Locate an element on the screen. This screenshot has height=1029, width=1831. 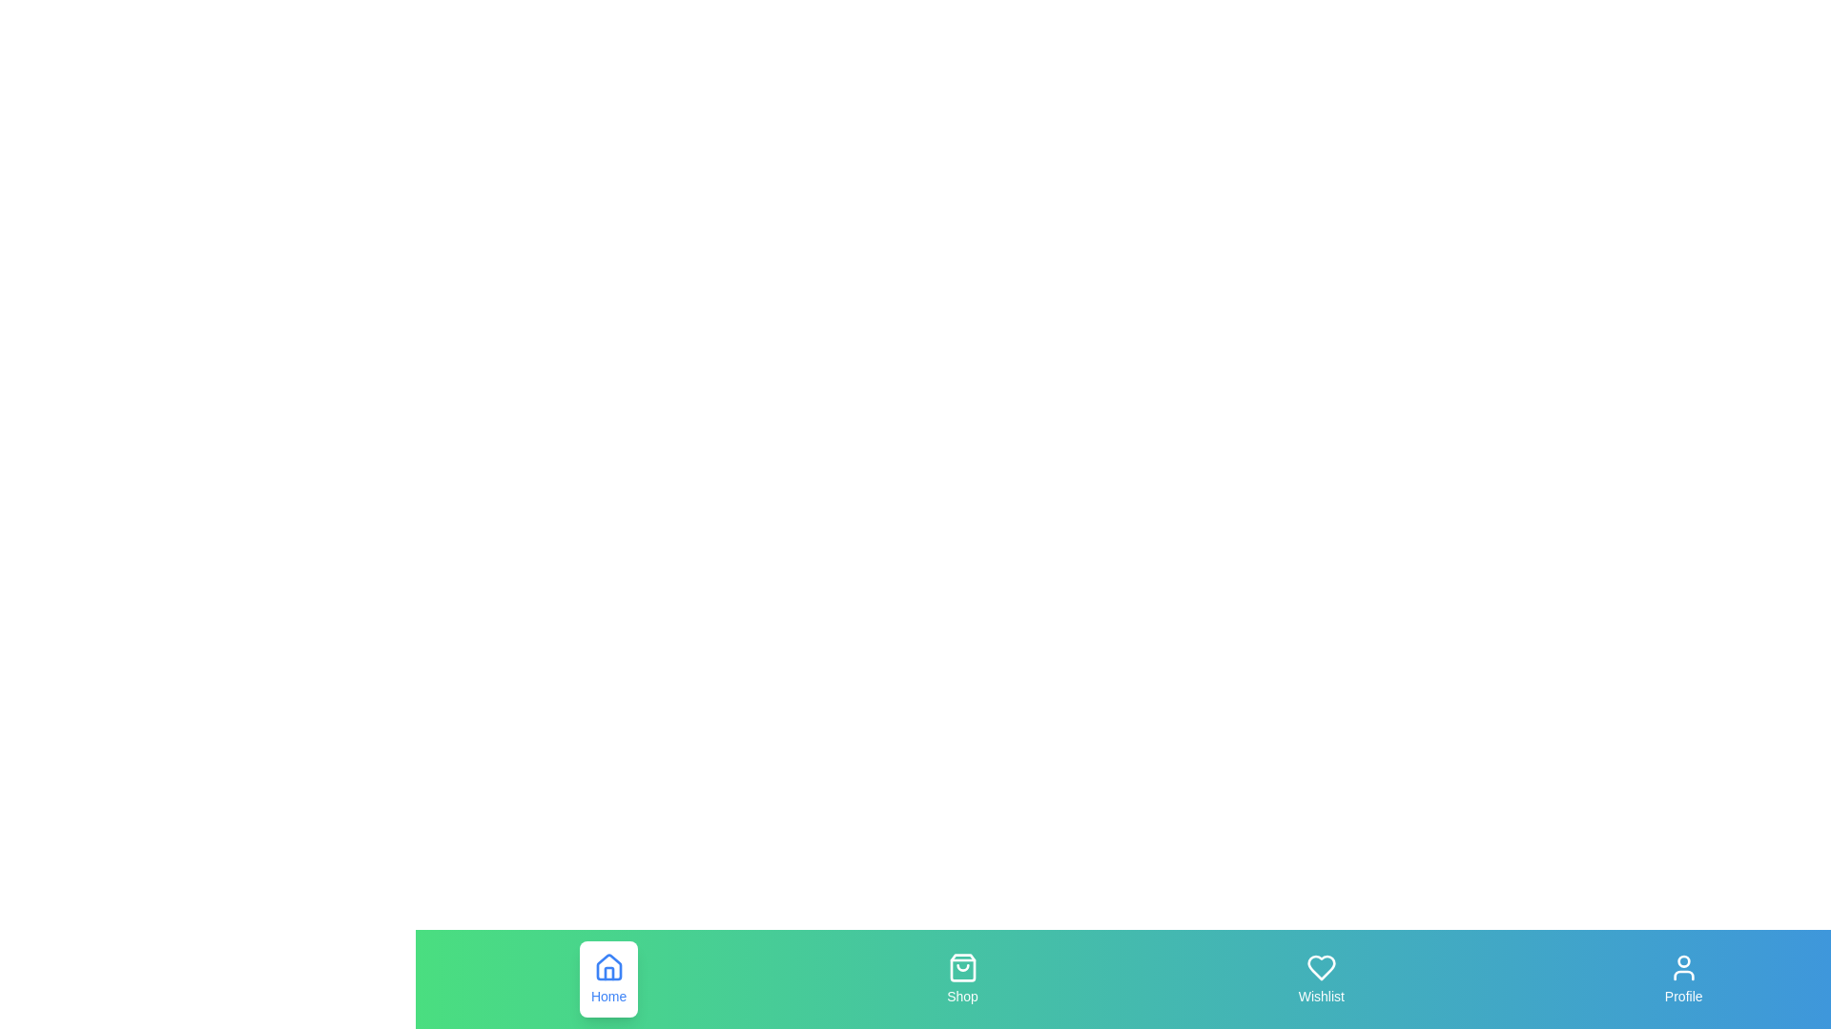
the tab labeled Shop by clicking its button is located at coordinates (962, 979).